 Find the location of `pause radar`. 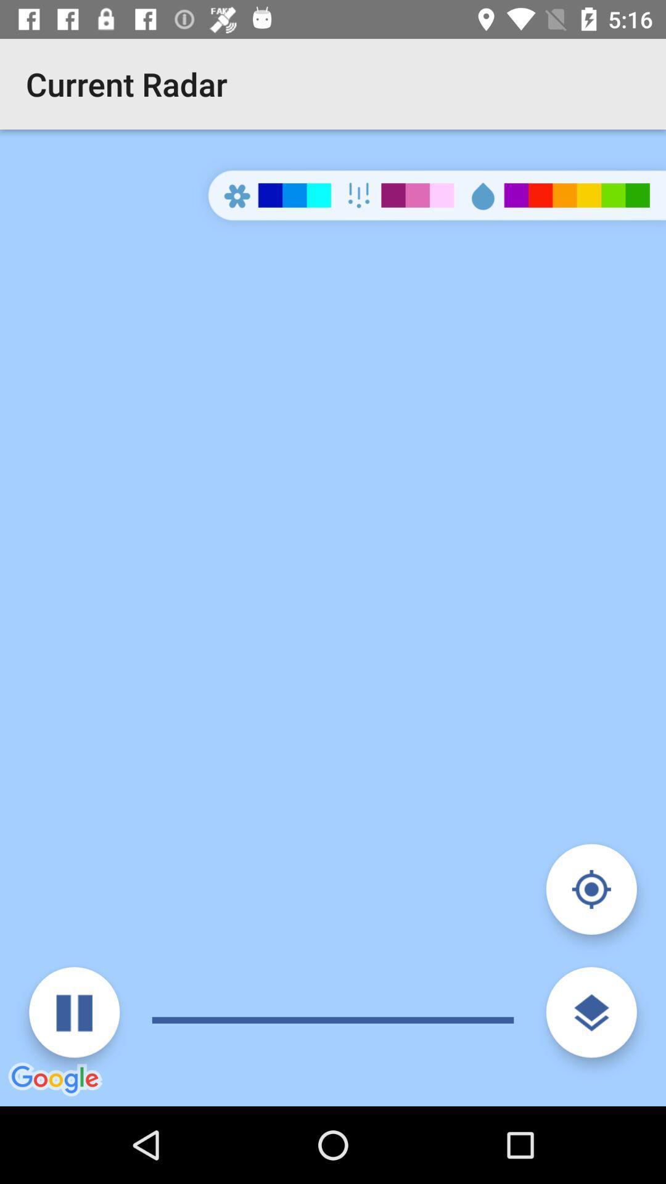

pause radar is located at coordinates (74, 1012).